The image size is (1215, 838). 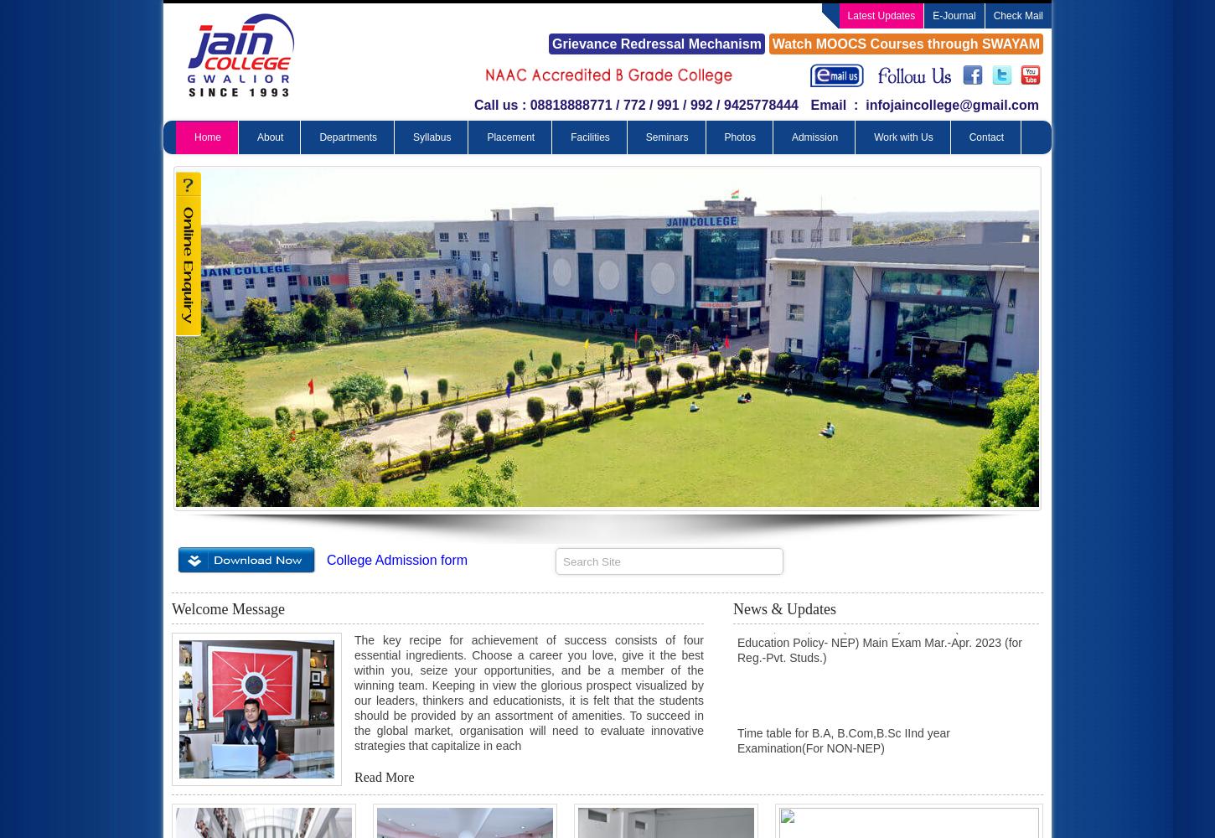 What do you see at coordinates (228, 608) in the screenshot?
I see `'Welcome Message'` at bounding box center [228, 608].